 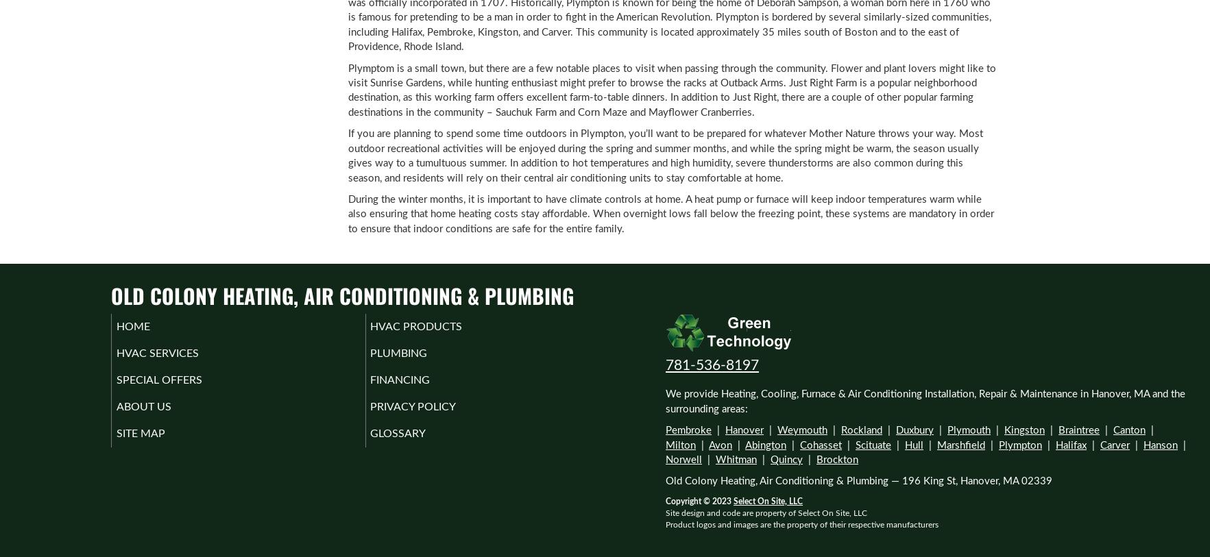 What do you see at coordinates (708, 445) in the screenshot?
I see `'Avon'` at bounding box center [708, 445].